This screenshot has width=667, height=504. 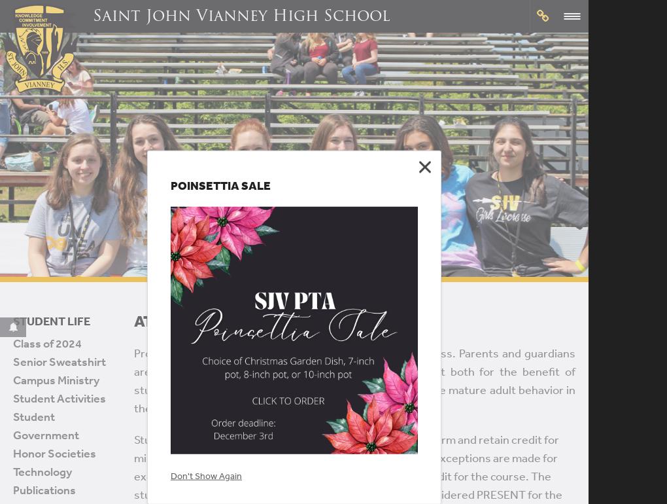 What do you see at coordinates (300, 369) in the screenshot?
I see `'Faculty'` at bounding box center [300, 369].